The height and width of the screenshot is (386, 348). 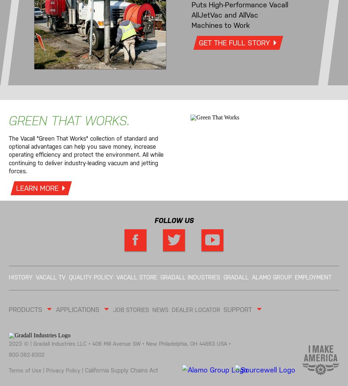 What do you see at coordinates (64, 370) in the screenshot?
I see `'Privacy Policy'` at bounding box center [64, 370].